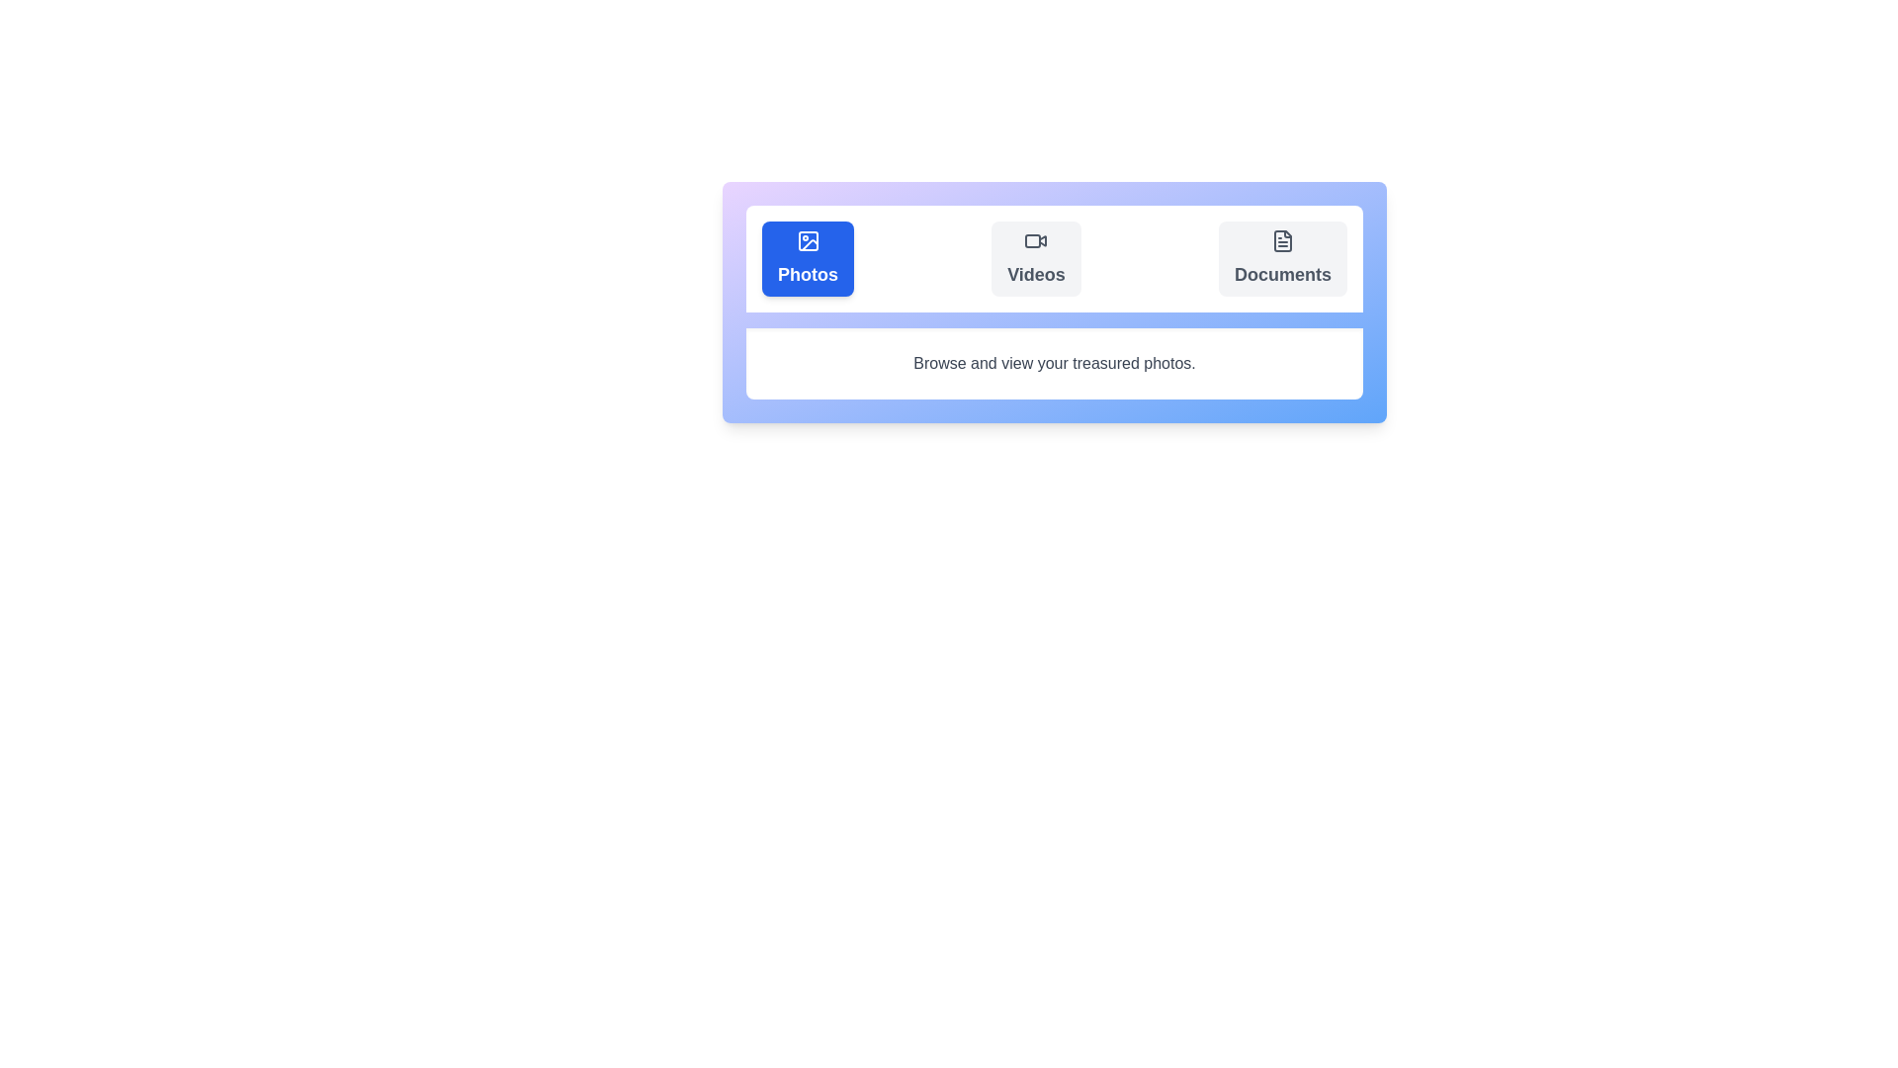  I want to click on the third button in the document section to trigger the hover scale effect, so click(1282, 258).